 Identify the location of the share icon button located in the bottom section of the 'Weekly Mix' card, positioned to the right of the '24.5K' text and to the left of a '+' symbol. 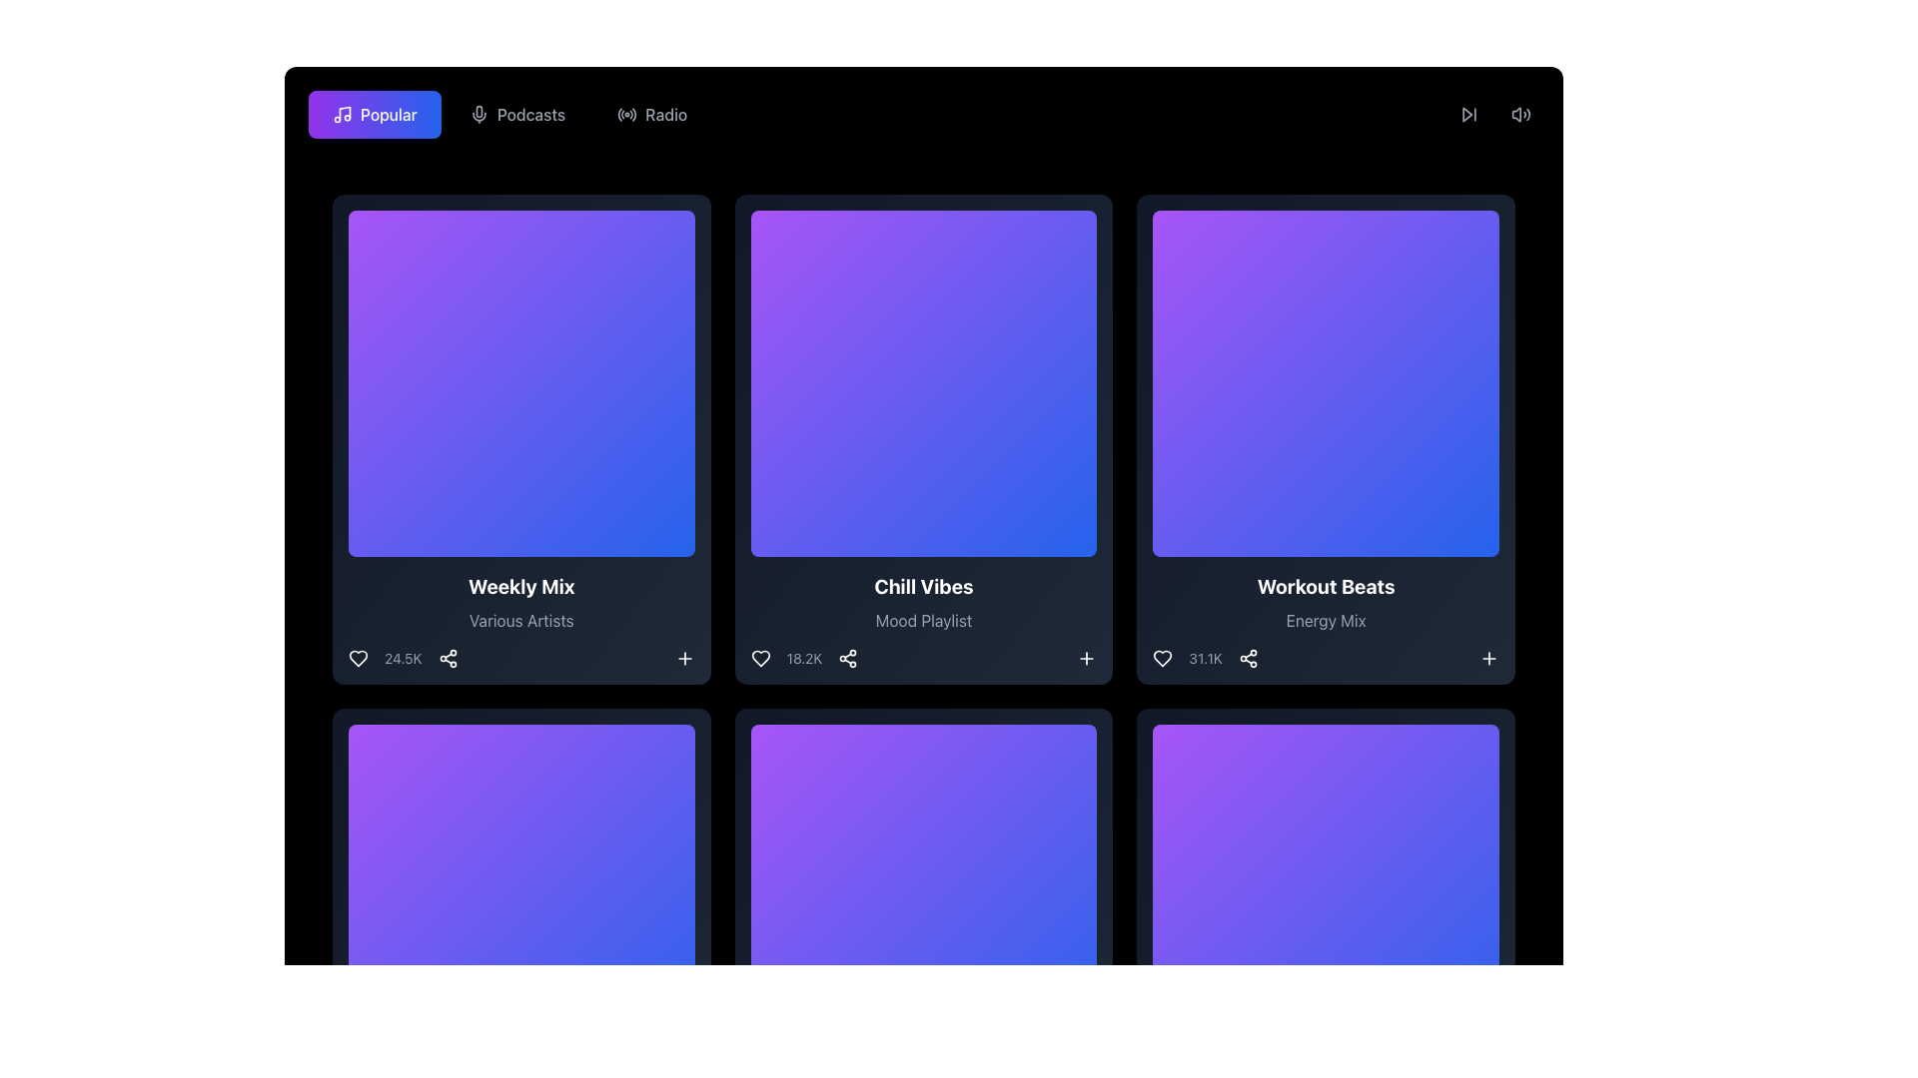
(447, 658).